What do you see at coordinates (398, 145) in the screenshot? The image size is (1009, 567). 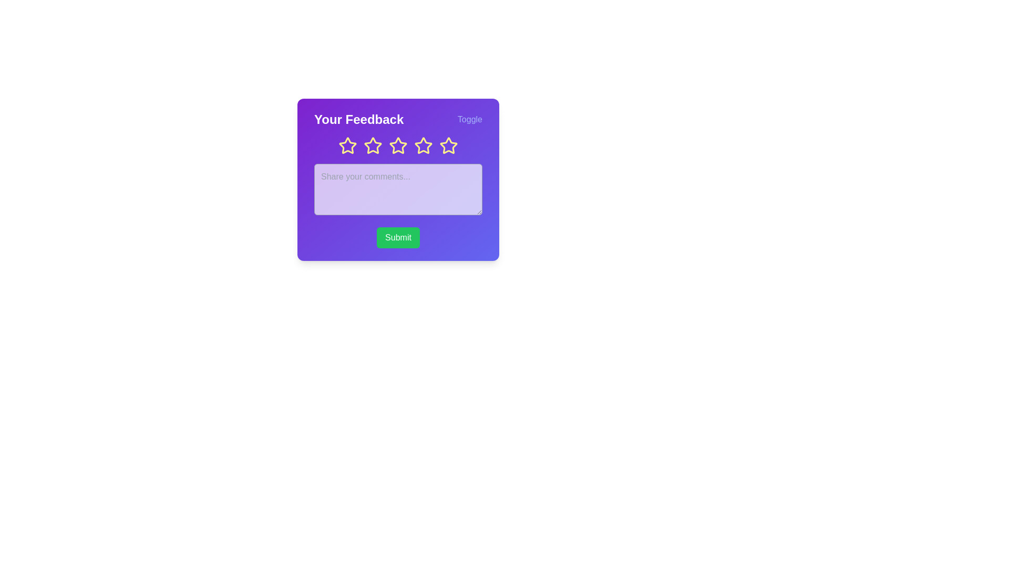 I see `the third star icon in the rating system located under the 'Your Feedback' header` at bounding box center [398, 145].